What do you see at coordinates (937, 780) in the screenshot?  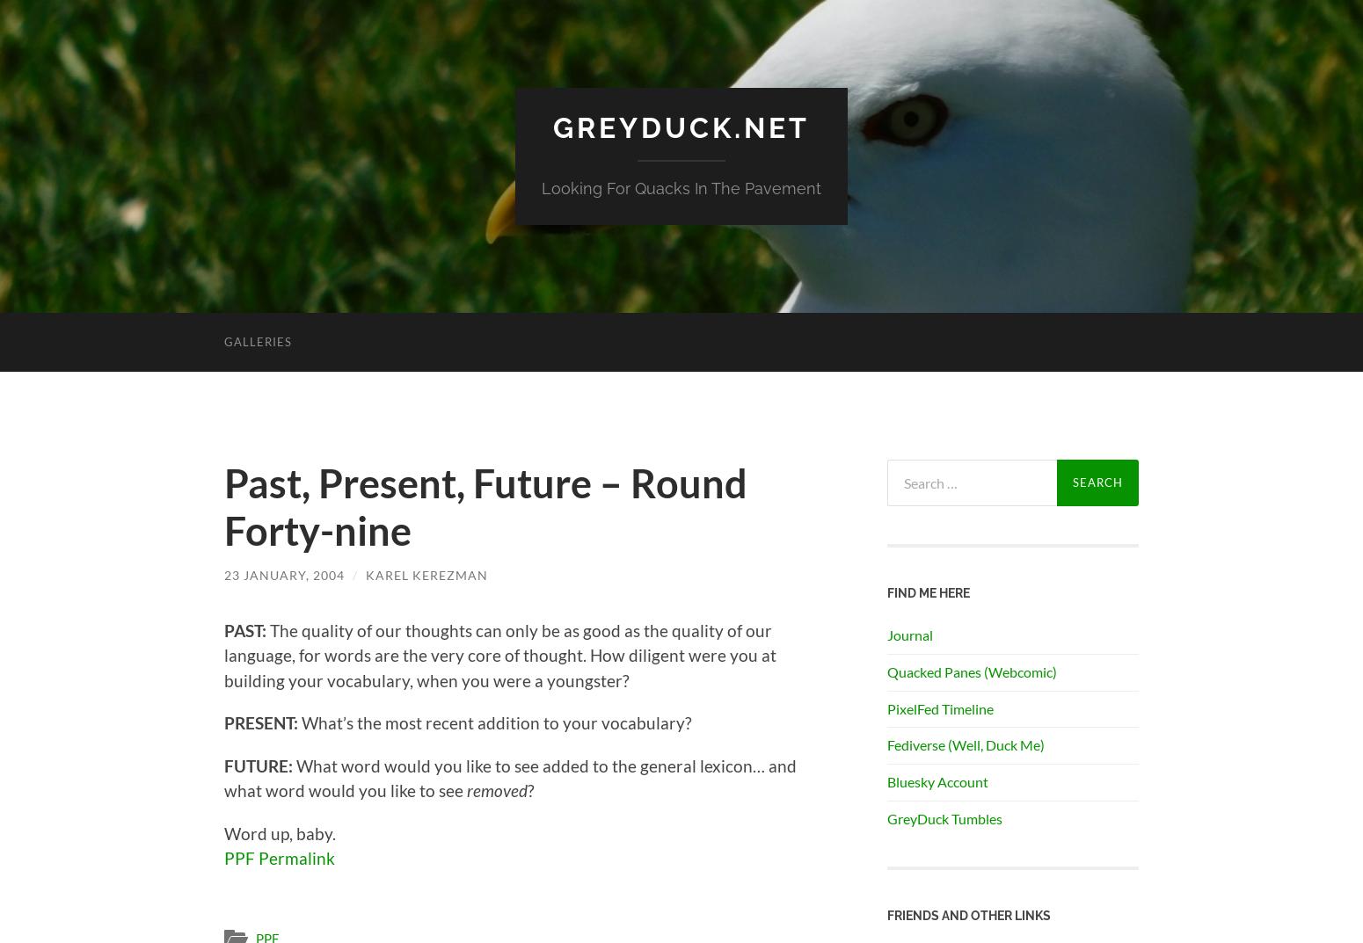 I see `'Bluesky Account'` at bounding box center [937, 780].